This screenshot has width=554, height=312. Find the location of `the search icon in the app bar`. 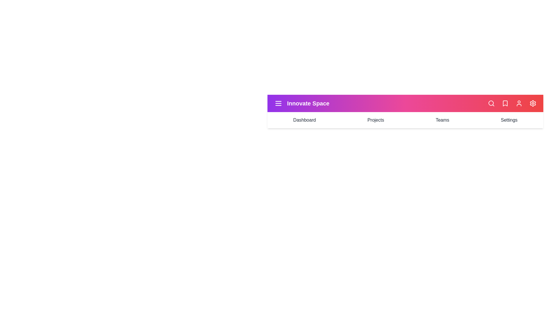

the search icon in the app bar is located at coordinates (491, 103).